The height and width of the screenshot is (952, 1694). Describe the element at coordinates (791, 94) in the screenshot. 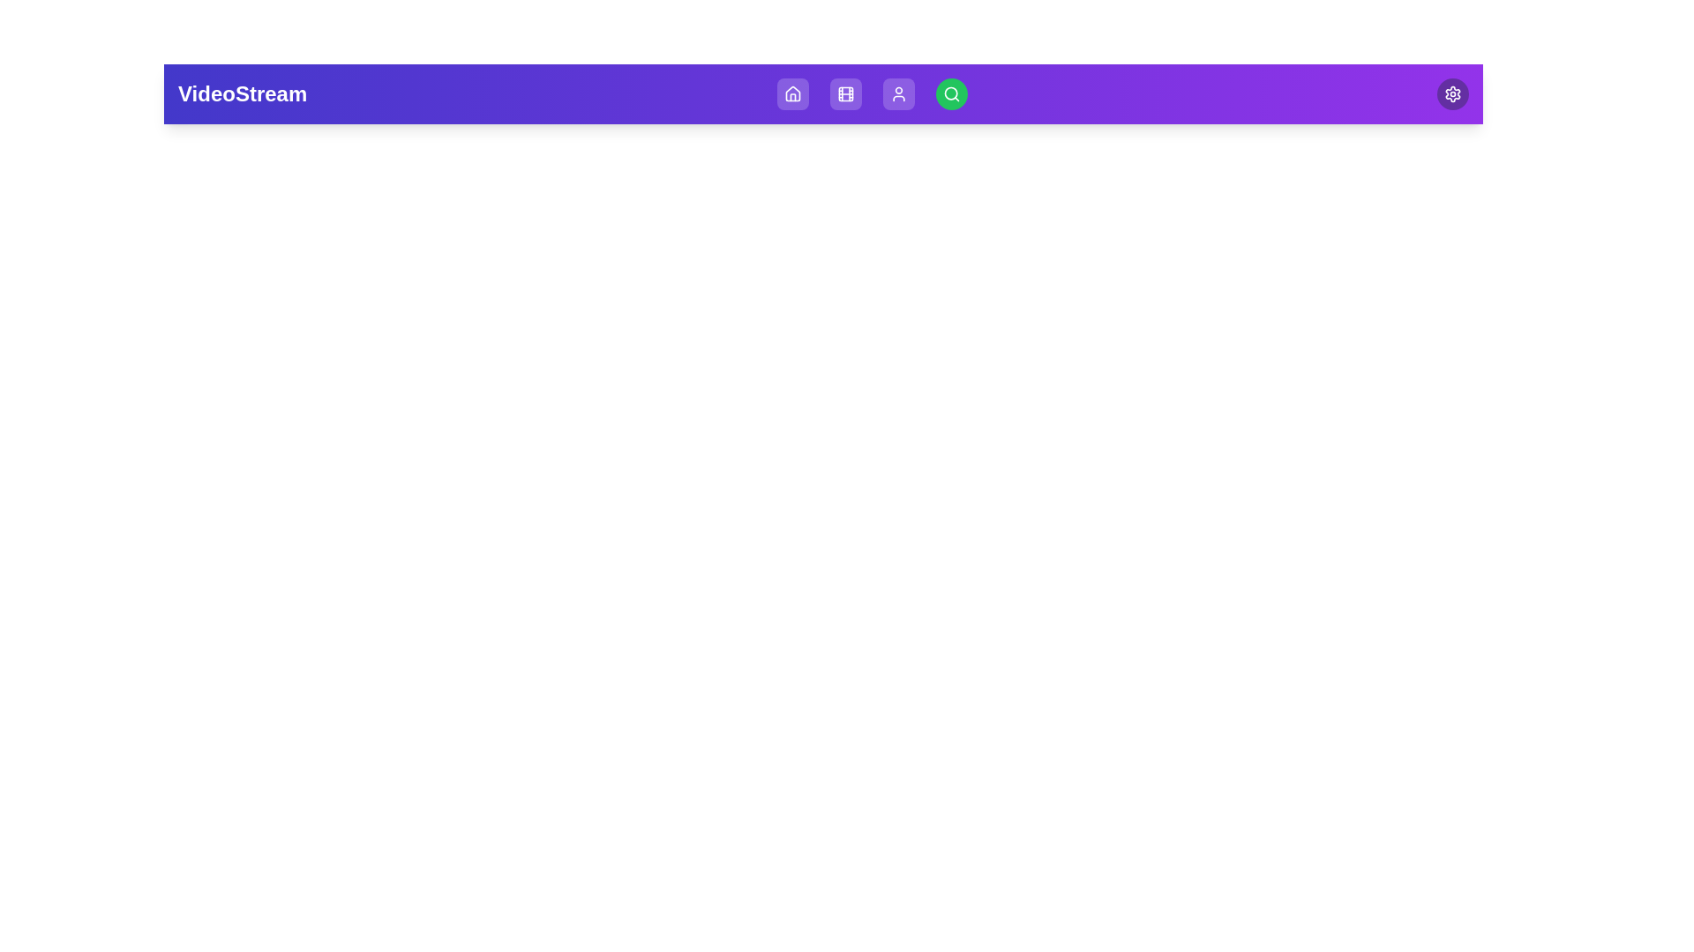

I see `the Home button in the navigation bar` at that location.